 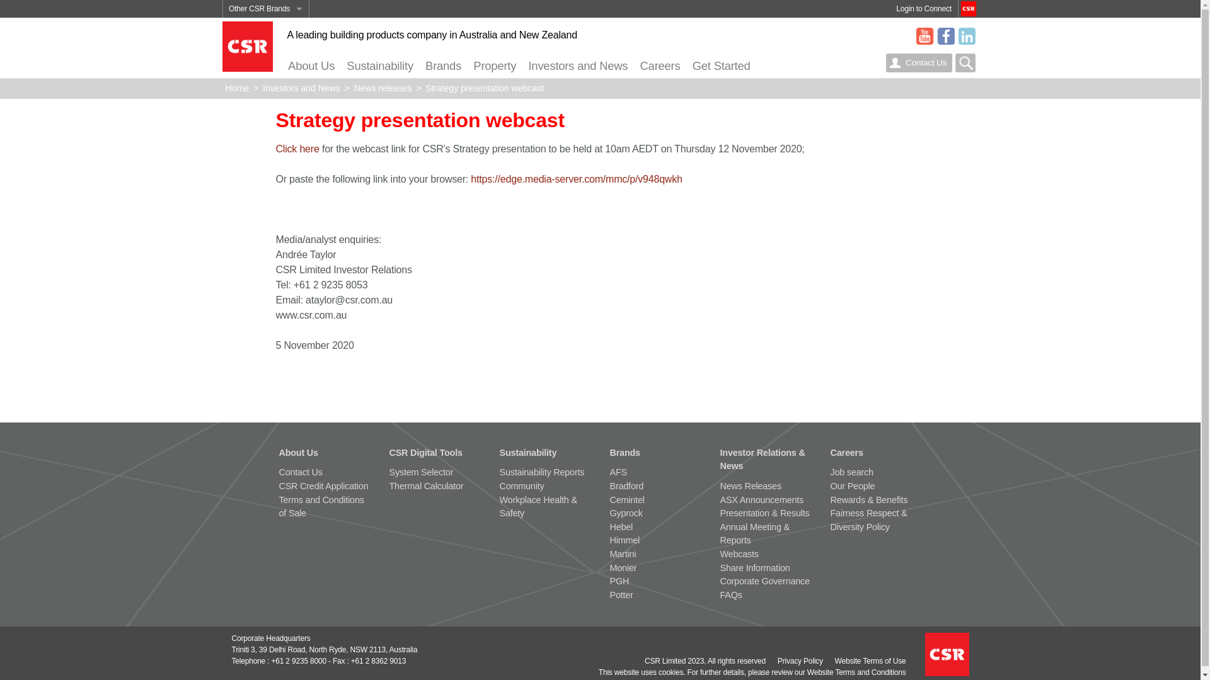 I want to click on 'PGH', so click(x=619, y=581).